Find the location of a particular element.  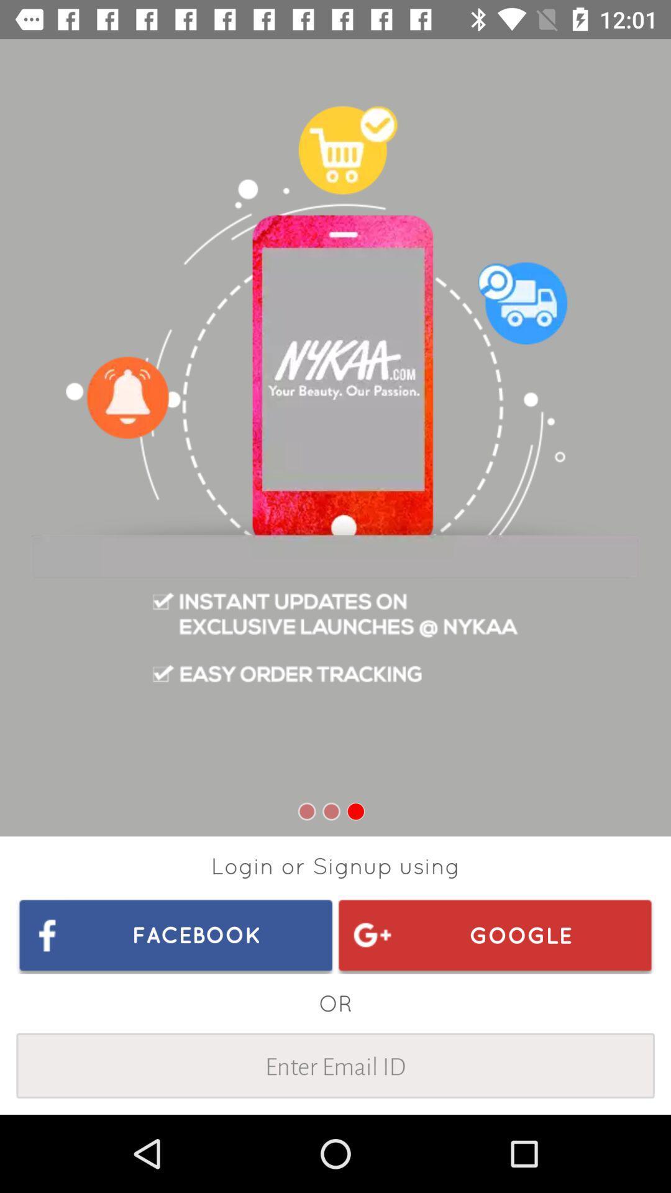

item to the right of facebook is located at coordinates (494, 935).